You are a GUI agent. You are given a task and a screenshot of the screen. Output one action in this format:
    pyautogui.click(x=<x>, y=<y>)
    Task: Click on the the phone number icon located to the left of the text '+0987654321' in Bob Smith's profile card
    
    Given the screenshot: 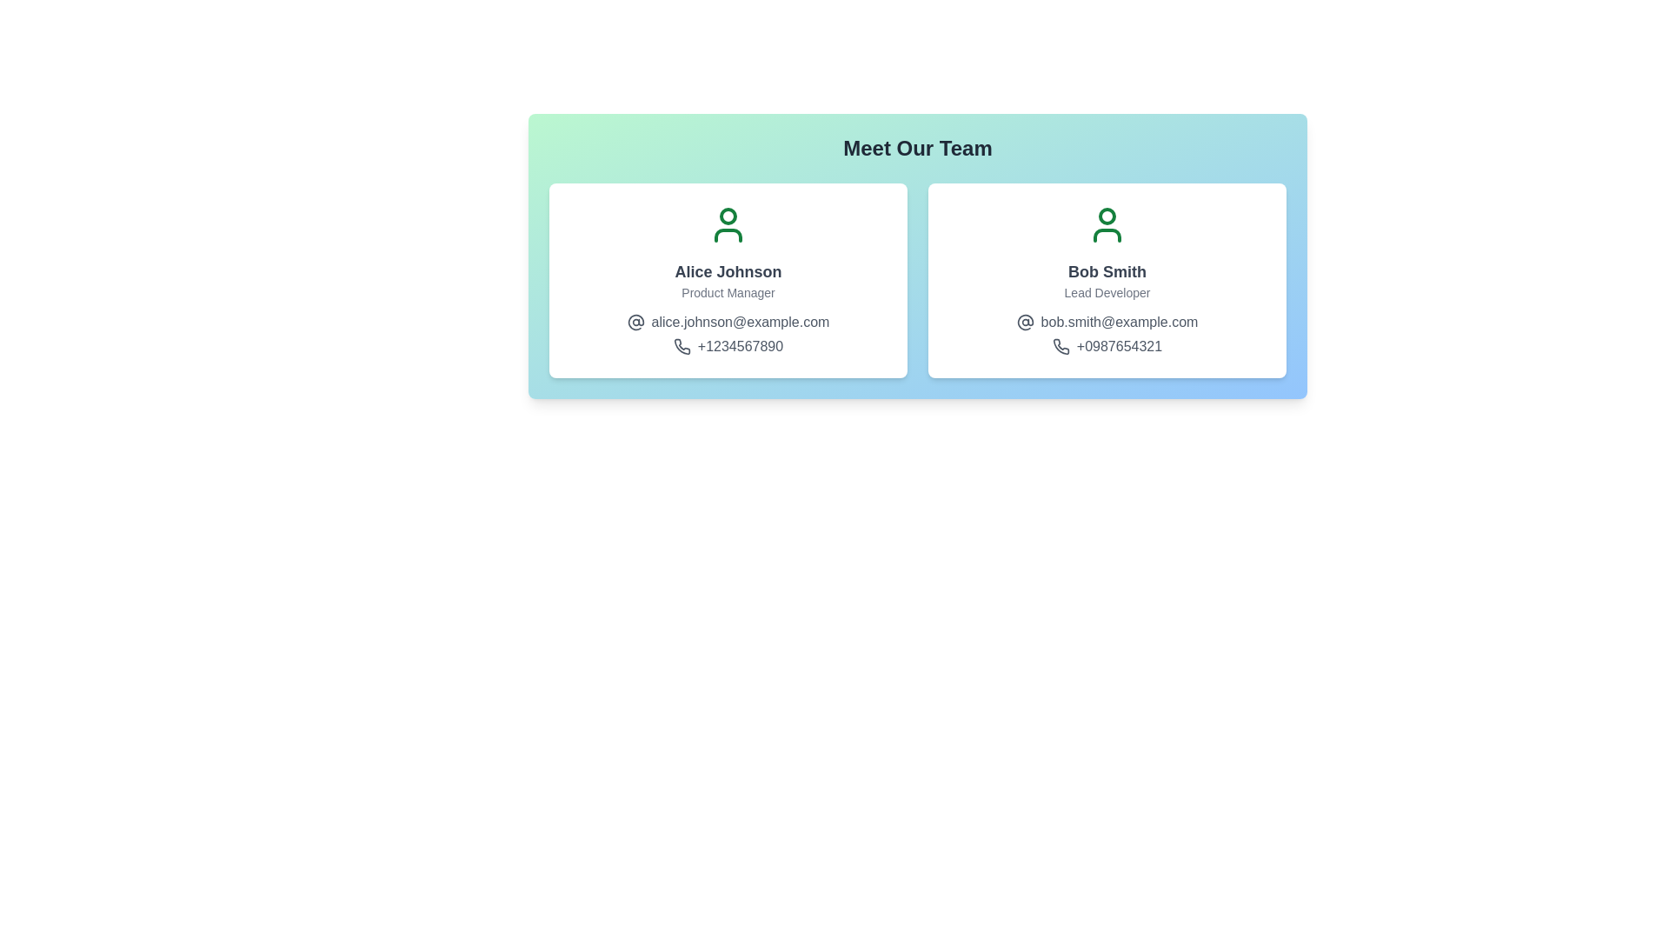 What is the action you would take?
    pyautogui.click(x=1060, y=346)
    